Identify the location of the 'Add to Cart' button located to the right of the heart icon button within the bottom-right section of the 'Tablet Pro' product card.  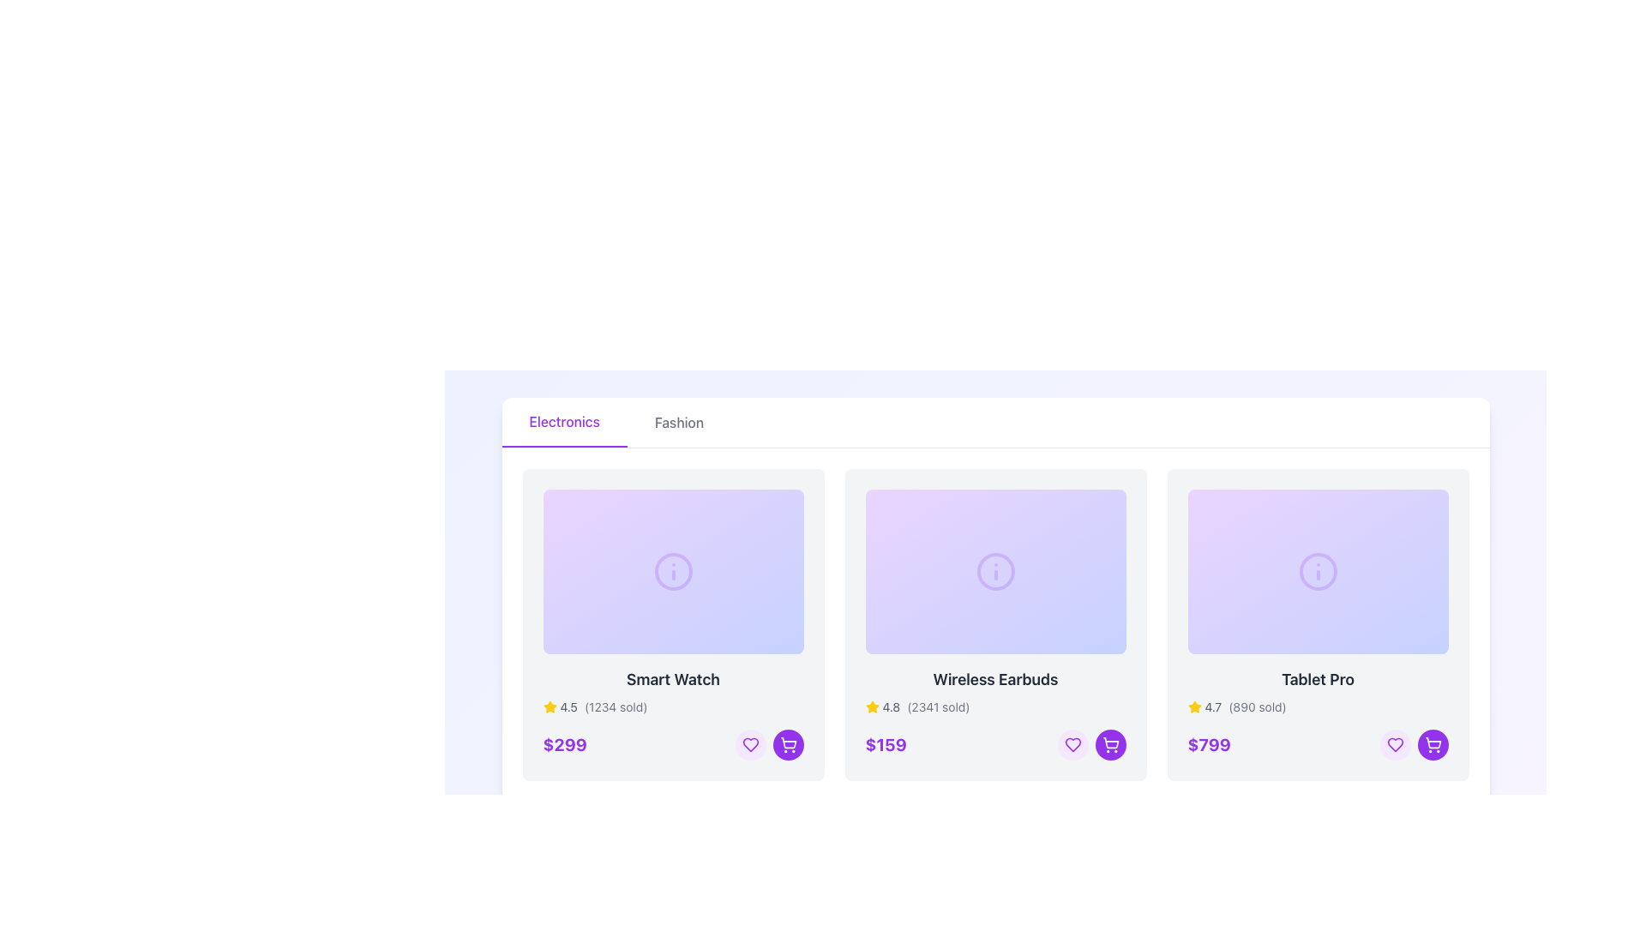
(1433, 743).